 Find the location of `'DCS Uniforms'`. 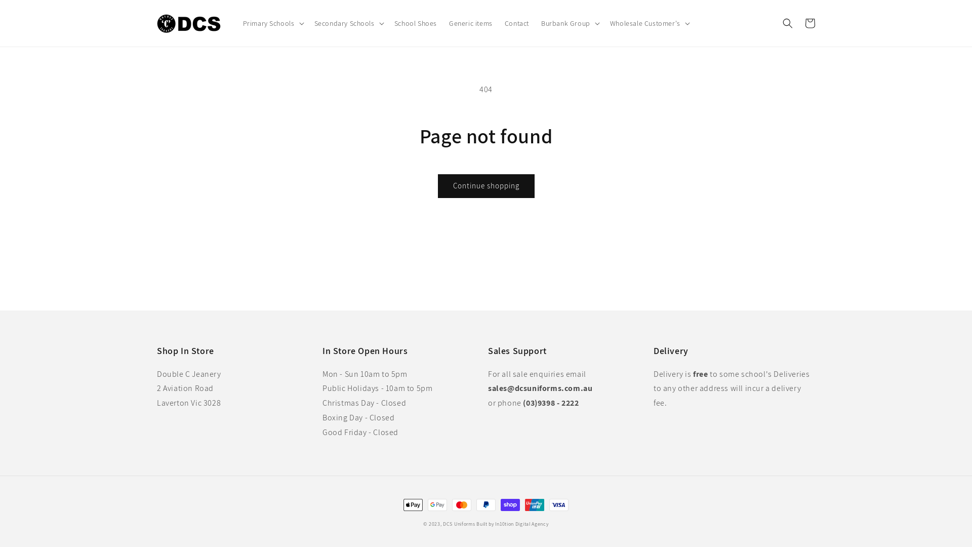

'DCS Uniforms' is located at coordinates (458, 524).